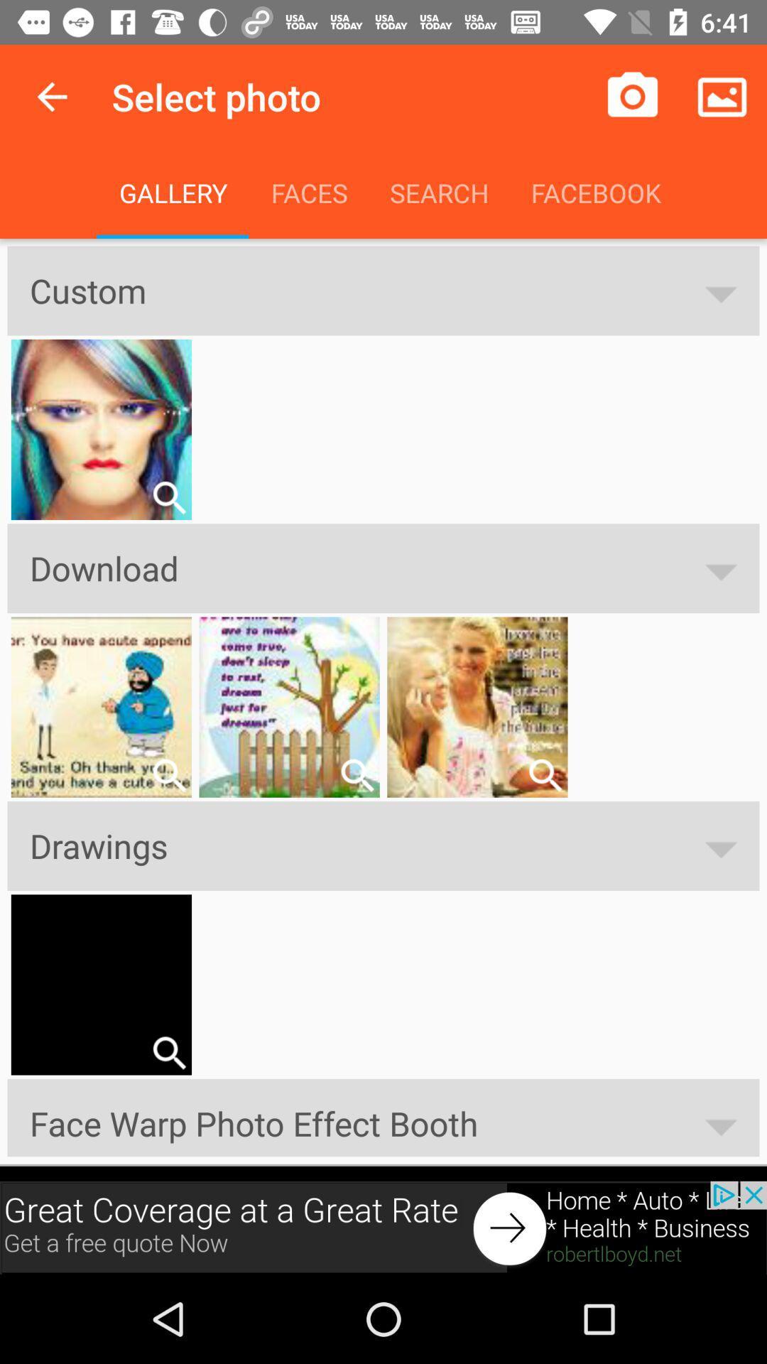 The width and height of the screenshot is (767, 1364). I want to click on expand photo, so click(168, 497).